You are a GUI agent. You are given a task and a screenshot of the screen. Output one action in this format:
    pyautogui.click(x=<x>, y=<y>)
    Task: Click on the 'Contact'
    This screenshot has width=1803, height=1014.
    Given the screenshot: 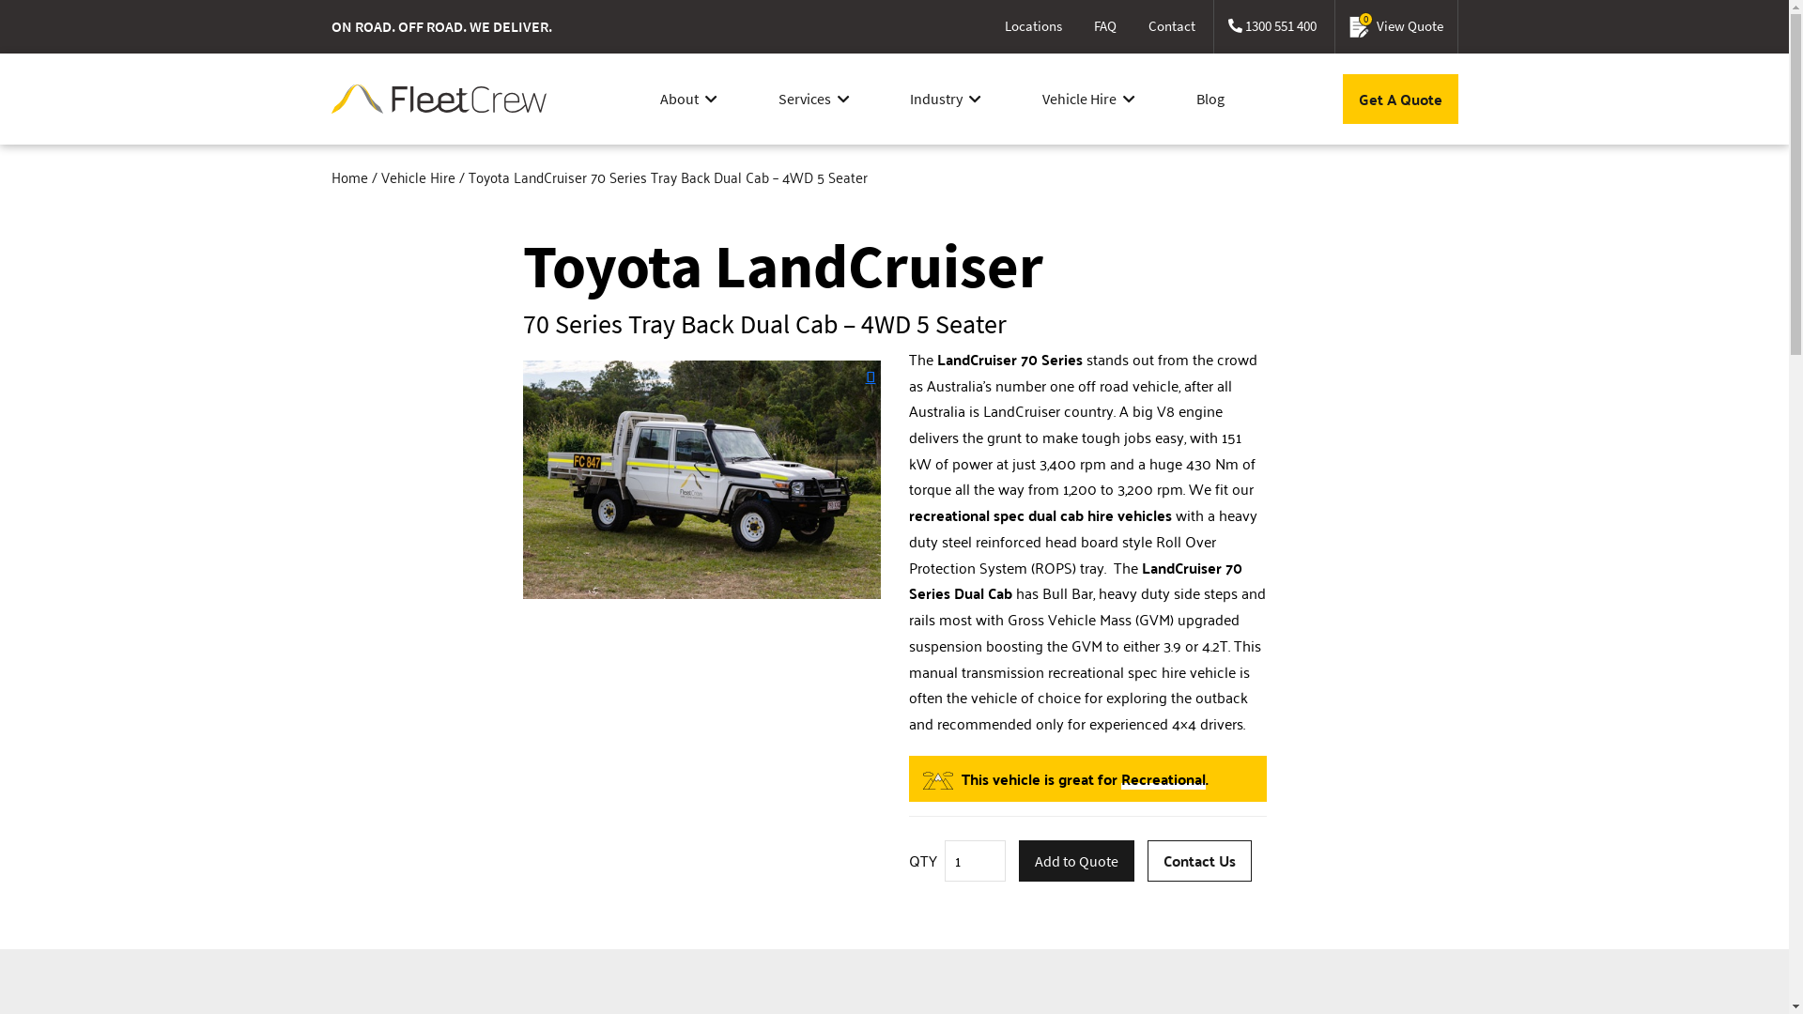 What is the action you would take?
    pyautogui.click(x=1171, y=26)
    